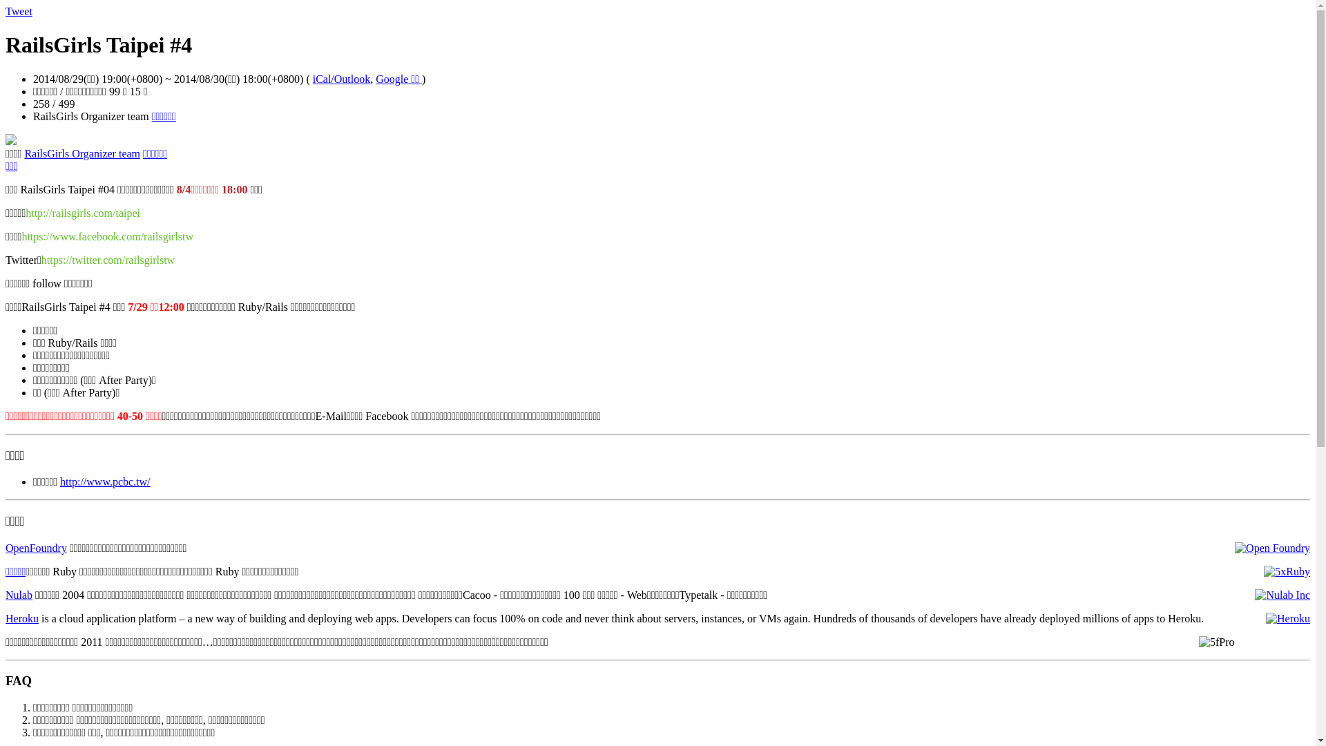 The image size is (1326, 746). Describe the element at coordinates (106, 236) in the screenshot. I see `'https://www.facebook.com/railsgirlstw'` at that location.